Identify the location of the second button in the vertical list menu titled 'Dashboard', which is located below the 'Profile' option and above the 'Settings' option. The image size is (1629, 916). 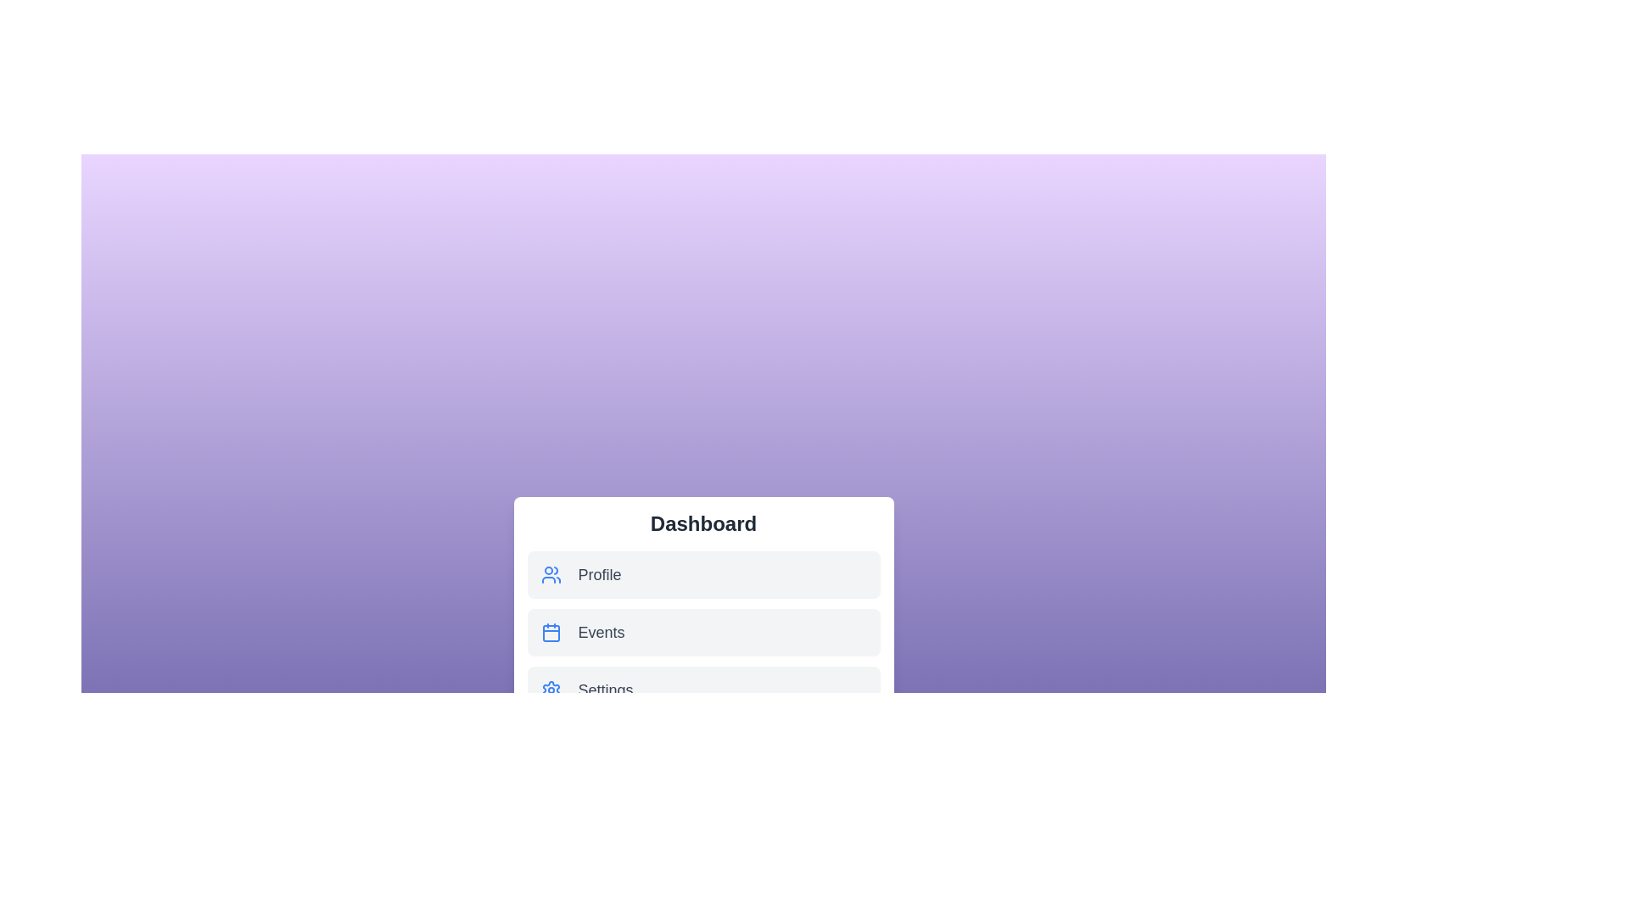
(703, 632).